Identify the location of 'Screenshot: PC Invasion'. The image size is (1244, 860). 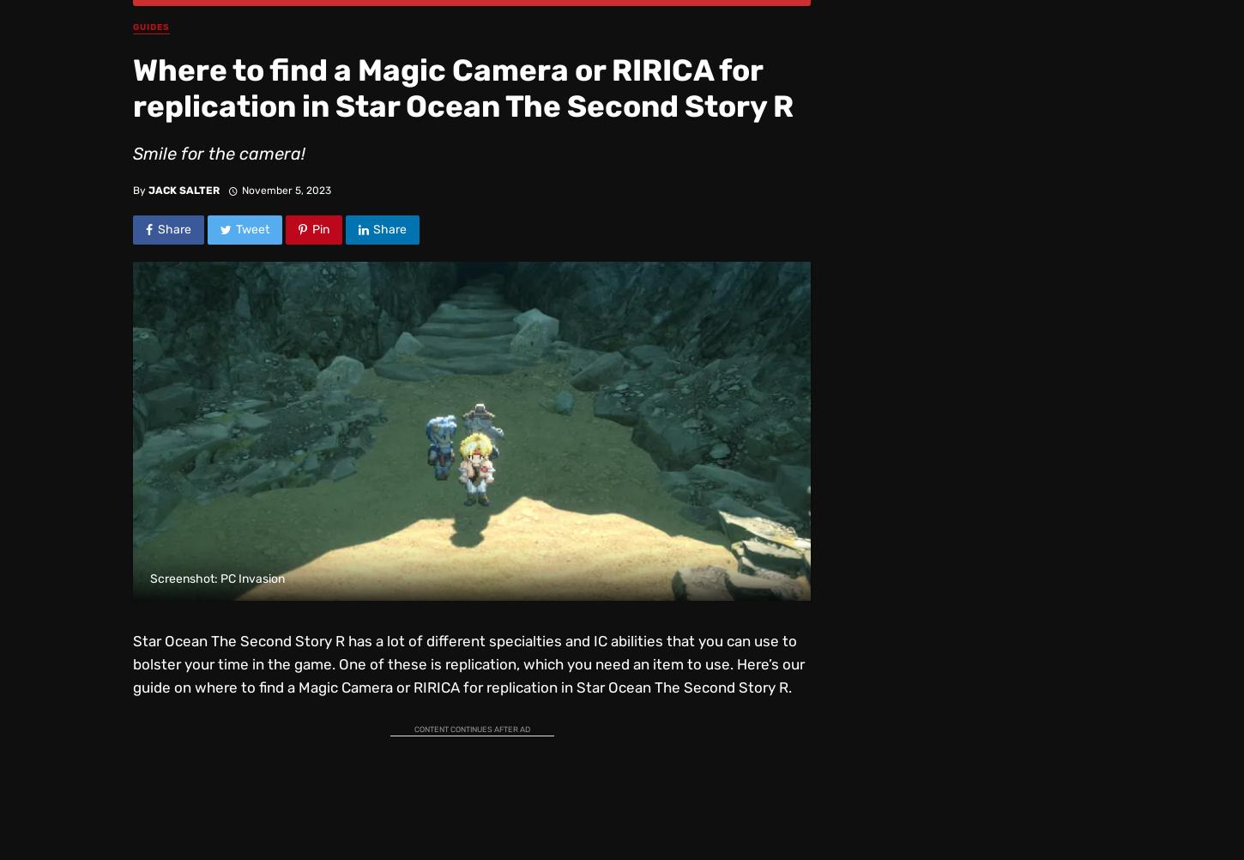
(217, 578).